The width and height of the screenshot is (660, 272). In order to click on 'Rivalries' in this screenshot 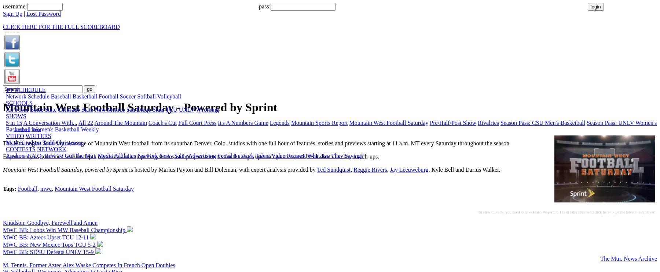, I will do `click(477, 122)`.